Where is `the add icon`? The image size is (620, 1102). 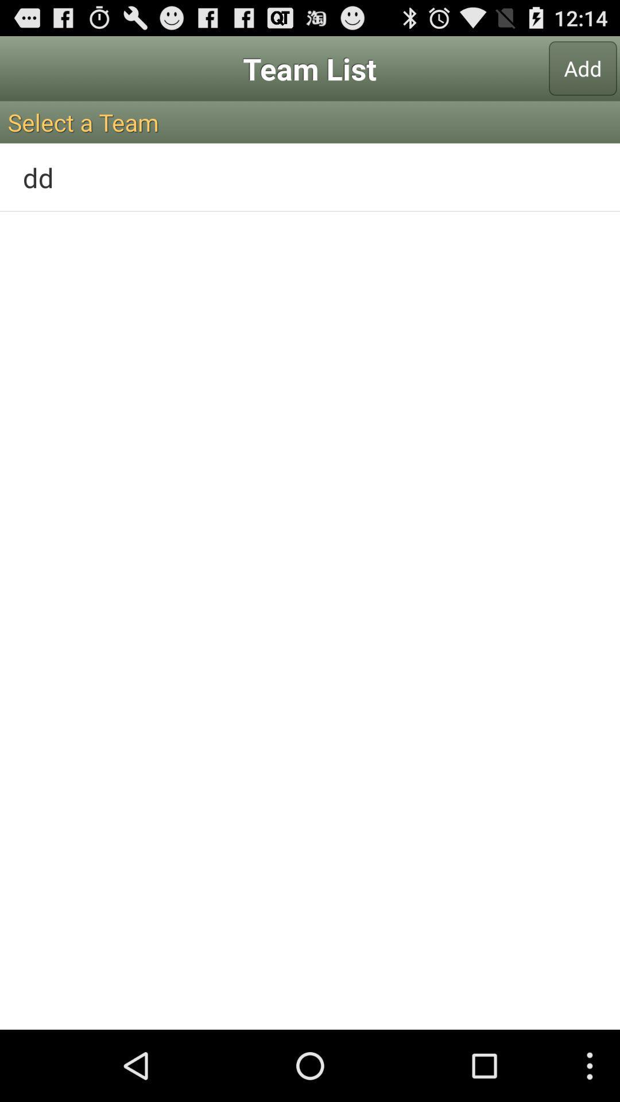 the add icon is located at coordinates (583, 68).